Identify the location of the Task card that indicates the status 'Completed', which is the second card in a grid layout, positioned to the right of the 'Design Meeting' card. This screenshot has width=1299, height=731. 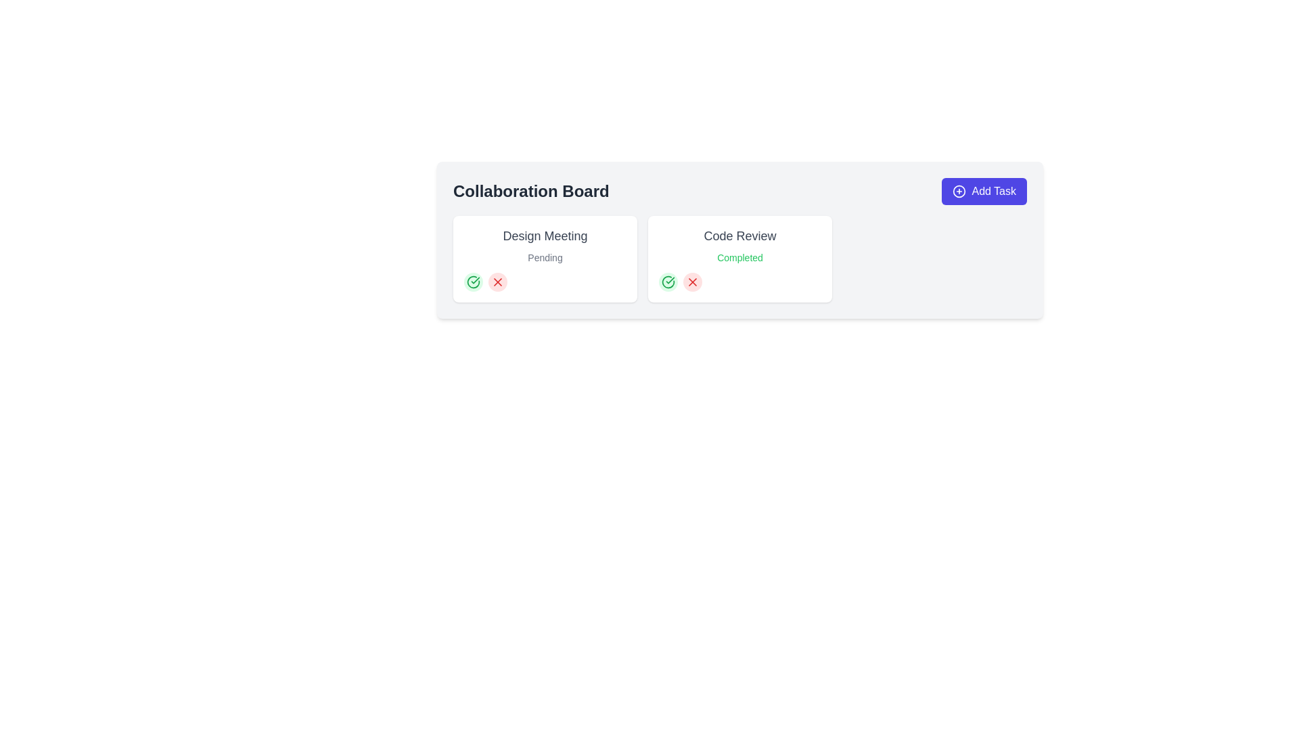
(739, 239).